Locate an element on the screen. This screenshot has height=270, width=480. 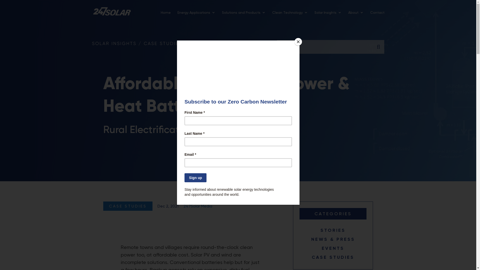
'About' is located at coordinates (355, 16).